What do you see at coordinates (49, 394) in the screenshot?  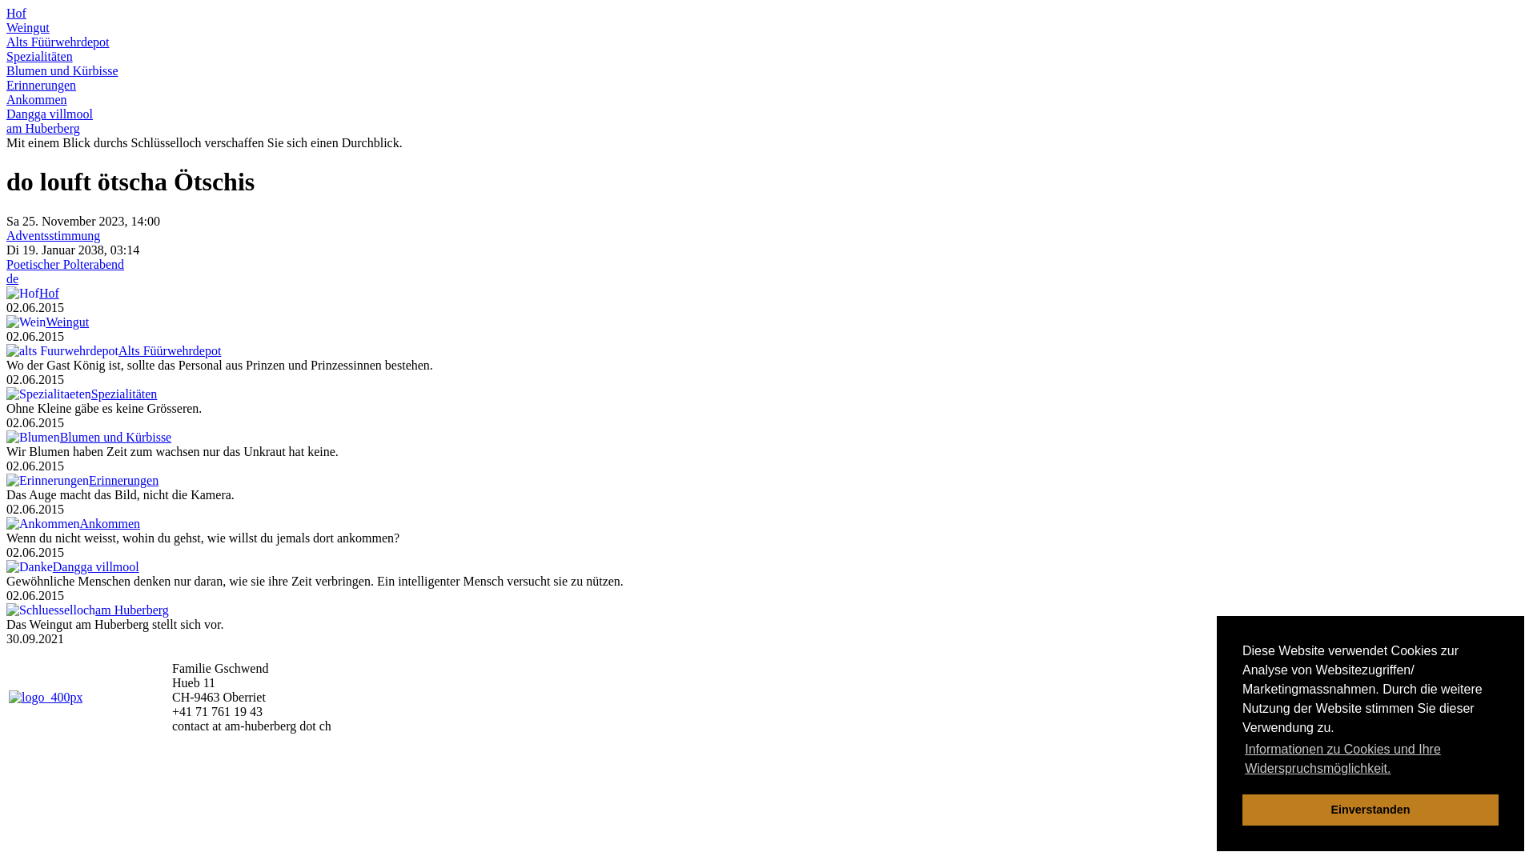 I see `'Spezialitaeten'` at bounding box center [49, 394].